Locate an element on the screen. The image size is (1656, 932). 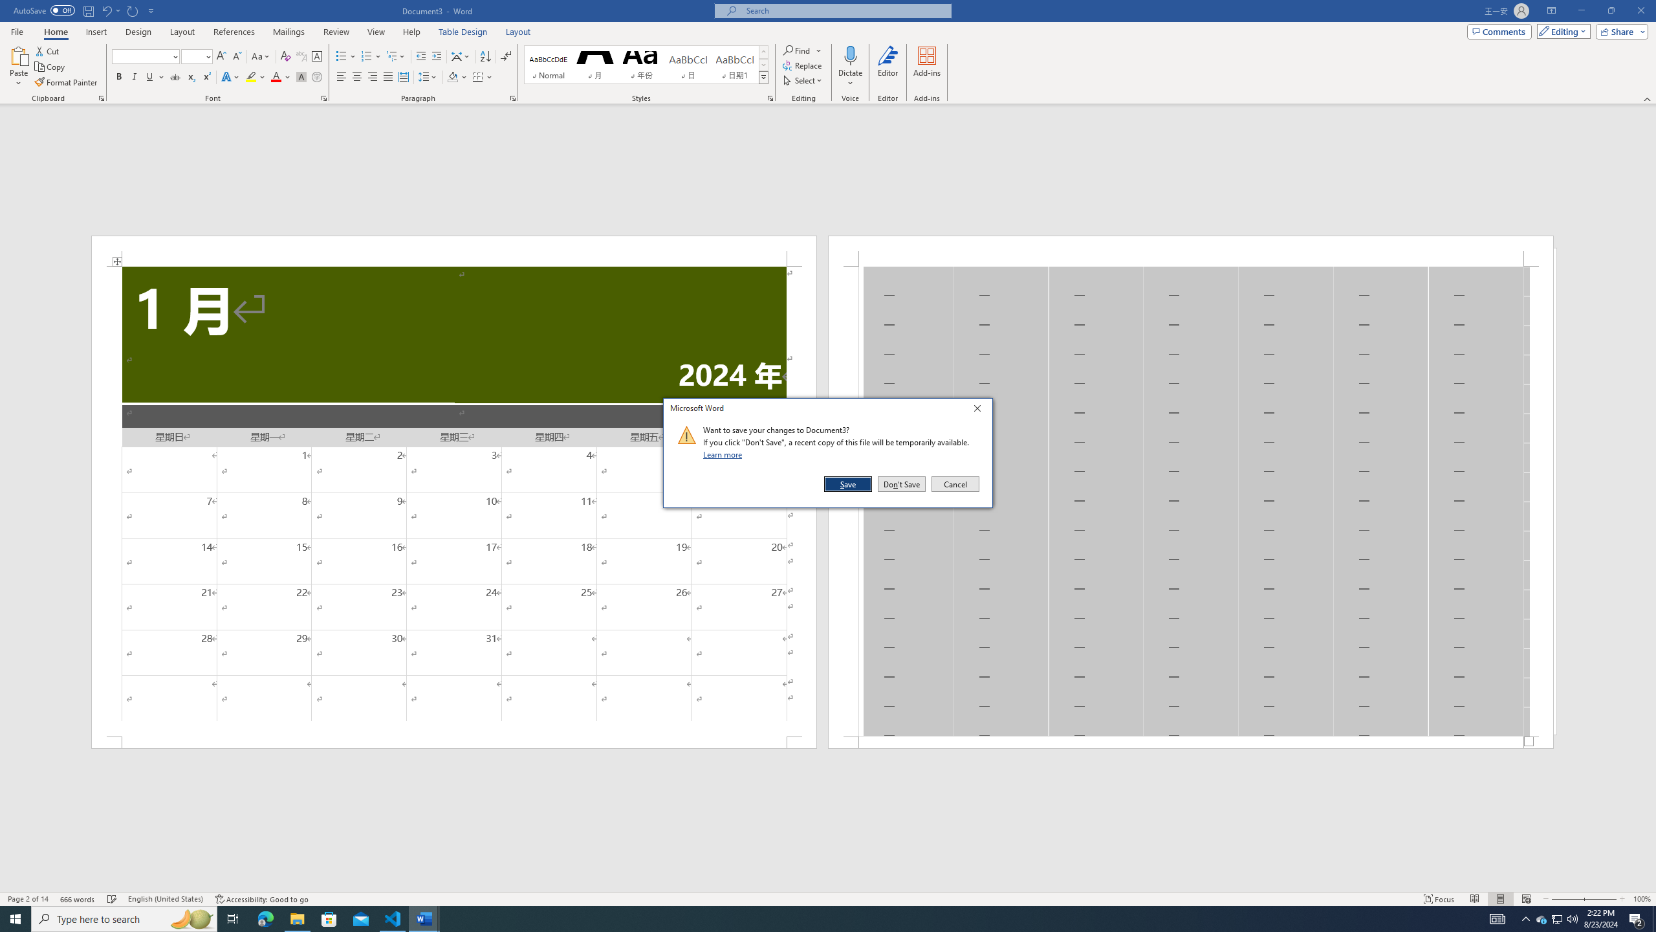
'Shading RGB(0, 0, 0)' is located at coordinates (453, 76).